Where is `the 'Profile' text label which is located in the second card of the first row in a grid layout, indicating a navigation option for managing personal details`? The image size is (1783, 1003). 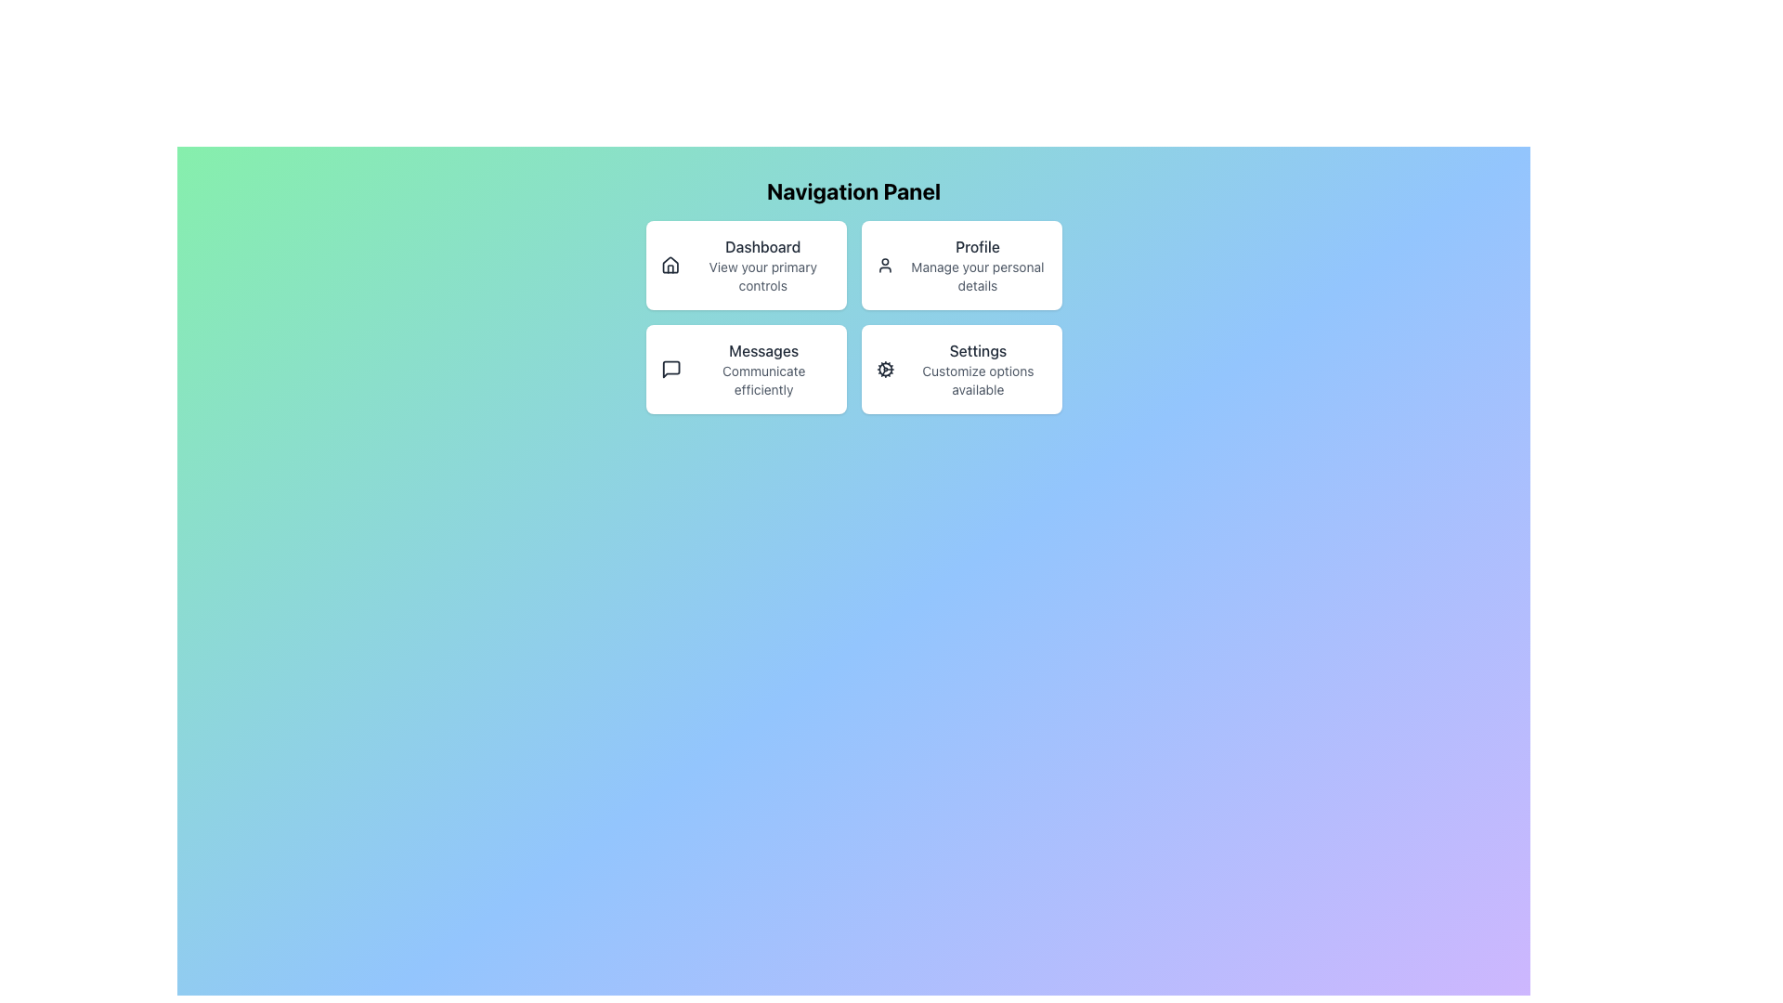 the 'Profile' text label which is located in the second card of the first row in a grid layout, indicating a navigation option for managing personal details is located at coordinates (976, 265).